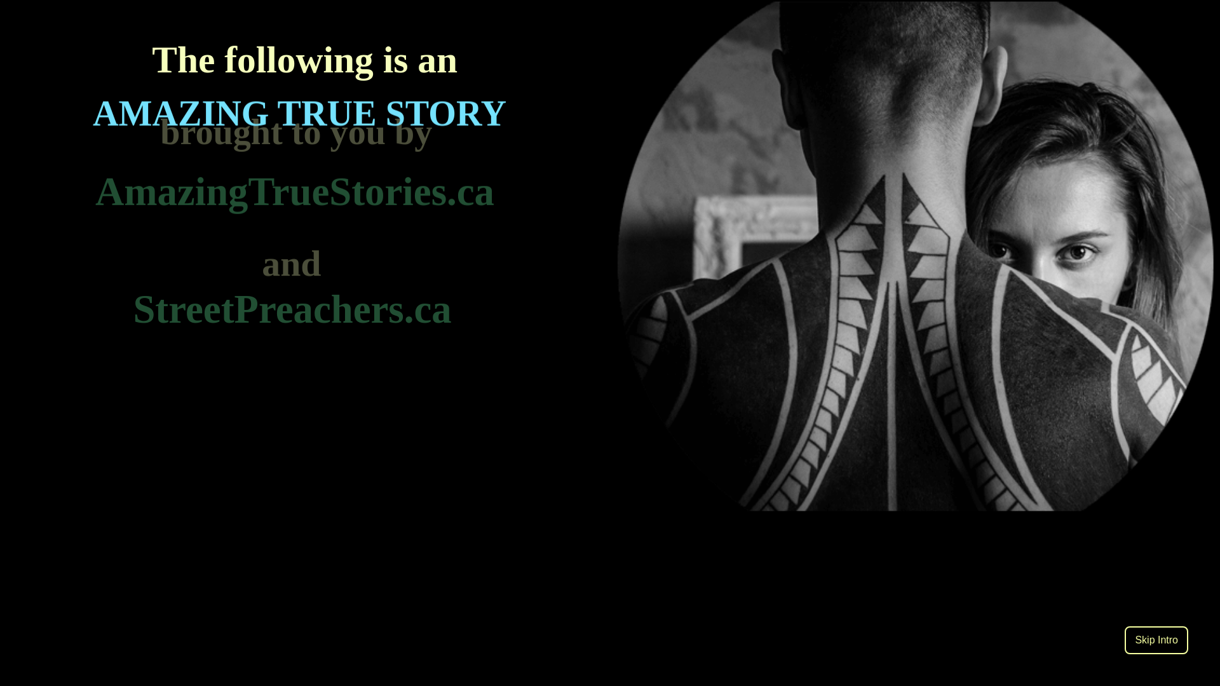 The image size is (1220, 686). What do you see at coordinates (1156, 640) in the screenshot?
I see `'Skip Intro'` at bounding box center [1156, 640].